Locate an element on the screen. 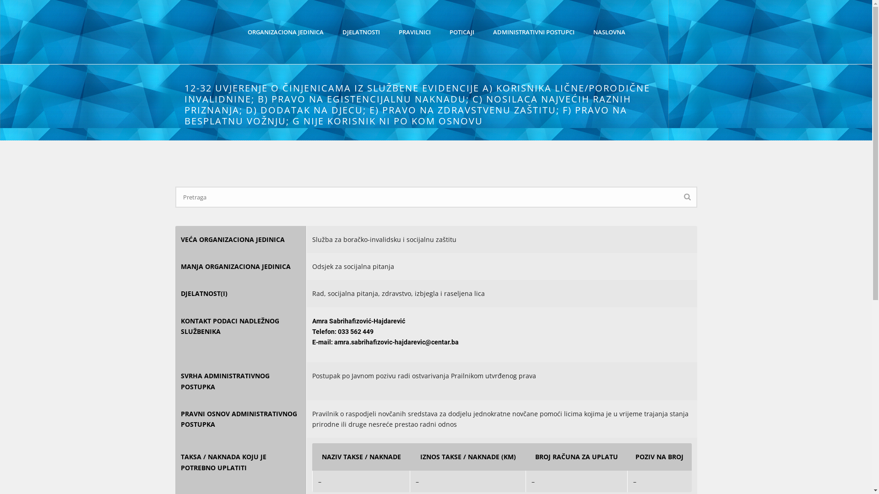  'ADMINISTRATIVNI POSTUPCI' is located at coordinates (483, 31).